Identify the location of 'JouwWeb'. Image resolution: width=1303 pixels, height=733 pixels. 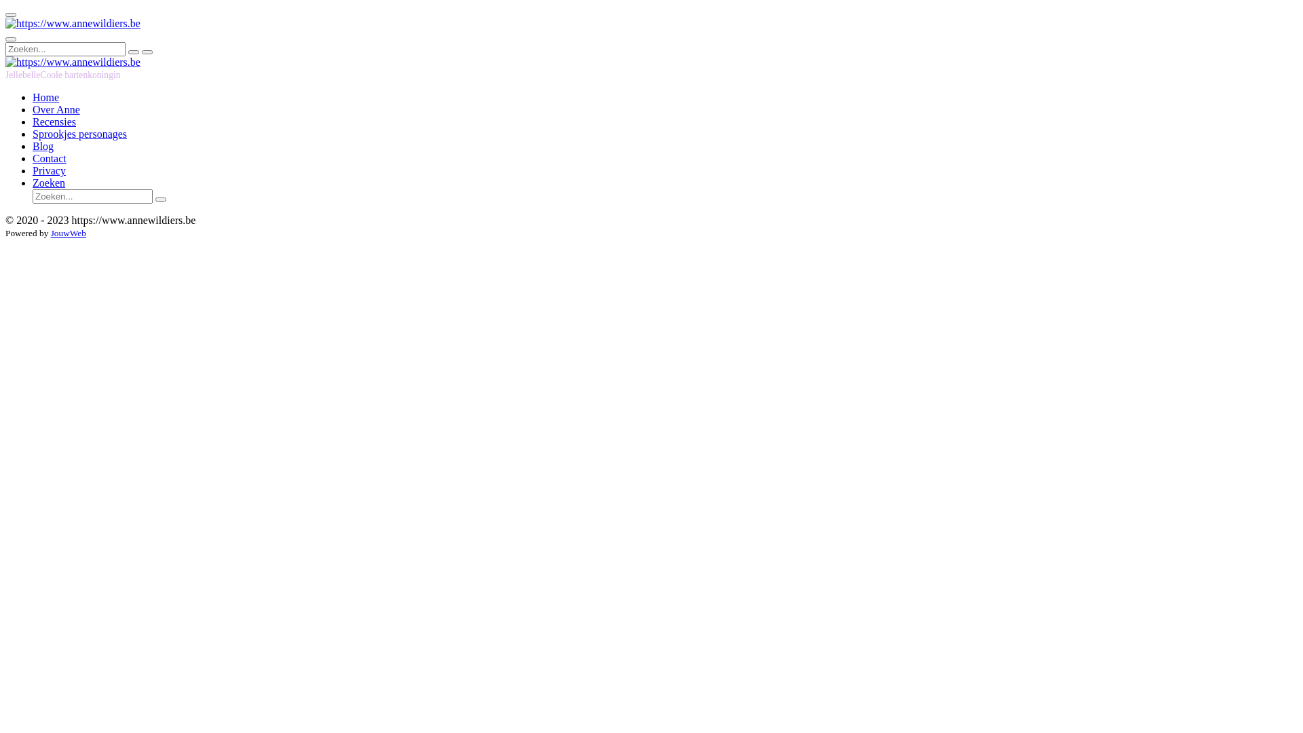
(51, 232).